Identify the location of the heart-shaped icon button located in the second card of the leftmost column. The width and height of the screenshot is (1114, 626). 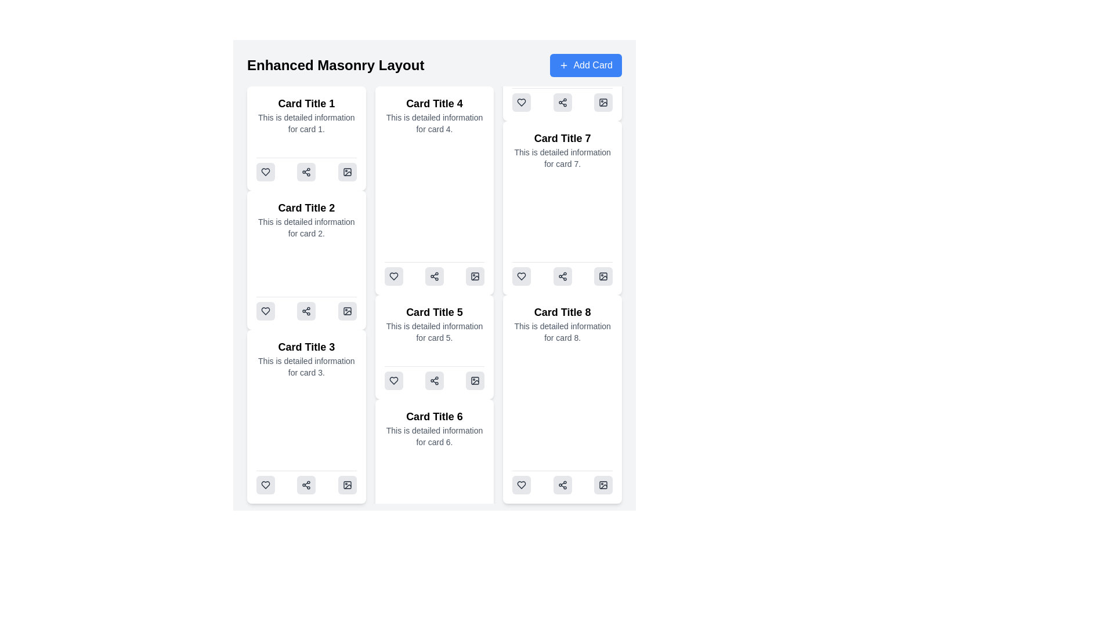
(265, 310).